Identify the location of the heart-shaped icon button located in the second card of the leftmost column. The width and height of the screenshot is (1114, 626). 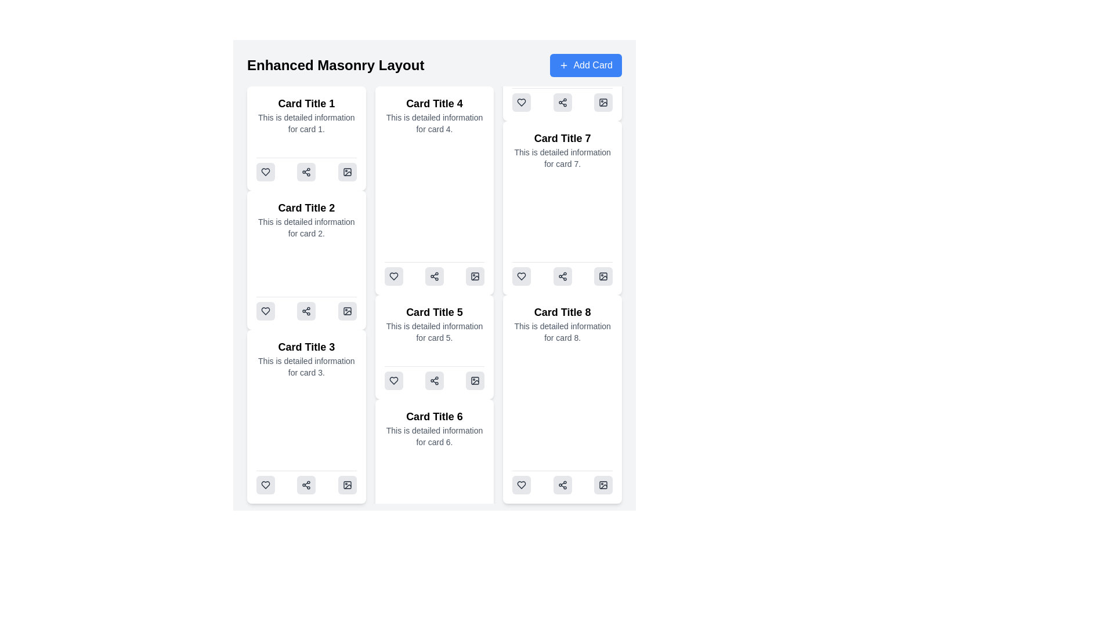
(265, 310).